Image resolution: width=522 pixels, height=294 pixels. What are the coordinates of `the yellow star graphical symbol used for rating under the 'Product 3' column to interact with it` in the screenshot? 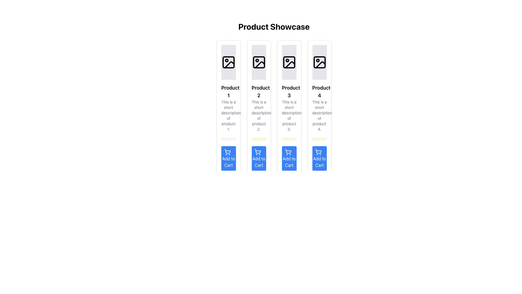 It's located at (289, 139).